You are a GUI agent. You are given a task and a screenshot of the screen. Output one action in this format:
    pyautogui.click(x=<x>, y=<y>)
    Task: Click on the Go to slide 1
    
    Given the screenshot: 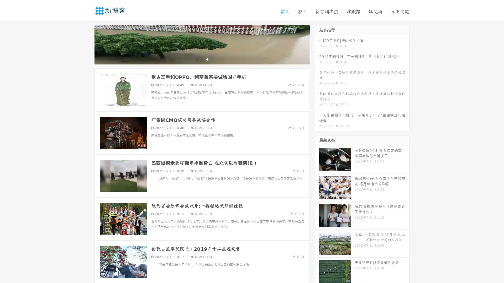 What is the action you would take?
    pyautogui.click(x=196, y=59)
    